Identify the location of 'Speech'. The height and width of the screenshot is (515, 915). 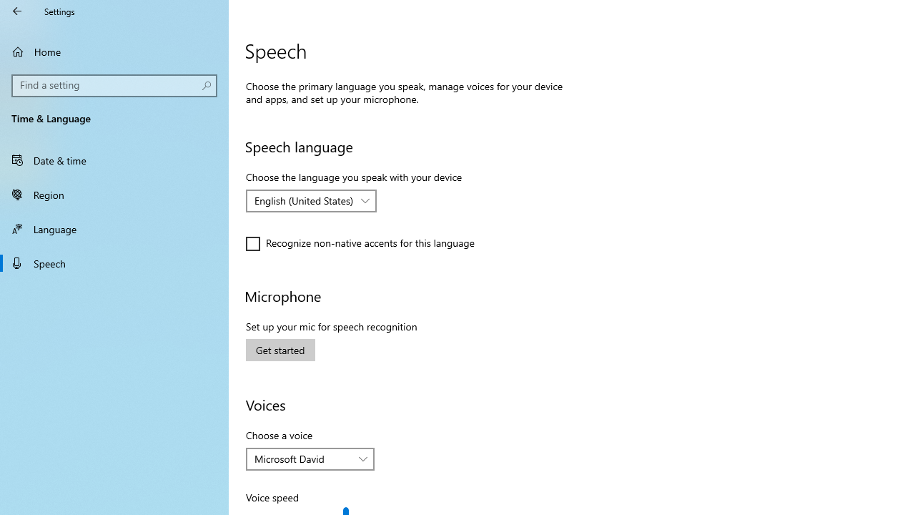
(114, 263).